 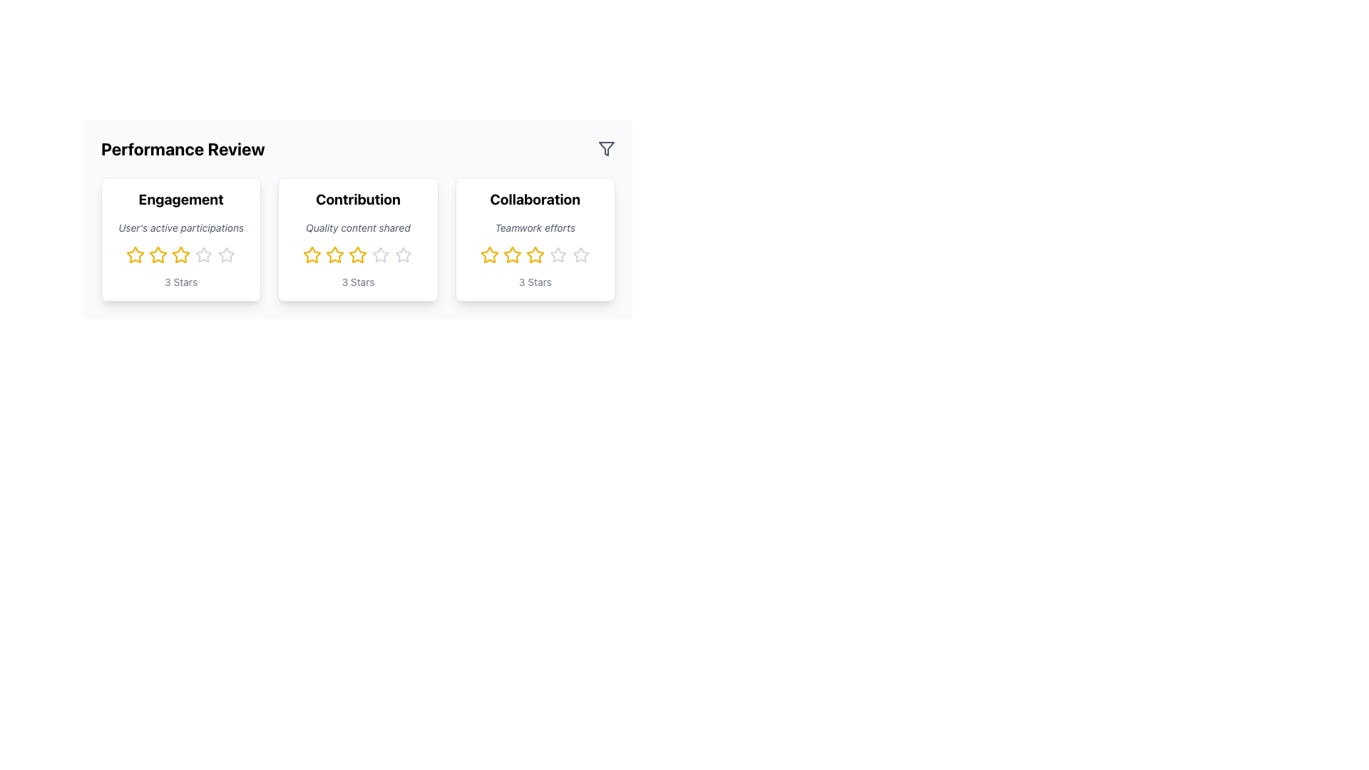 What do you see at coordinates (358, 255) in the screenshot?
I see `the highlighted yellow star in the middle of the row of five stars in the 'Contribution' card under 'Quality content shared' to interact with it` at bounding box center [358, 255].